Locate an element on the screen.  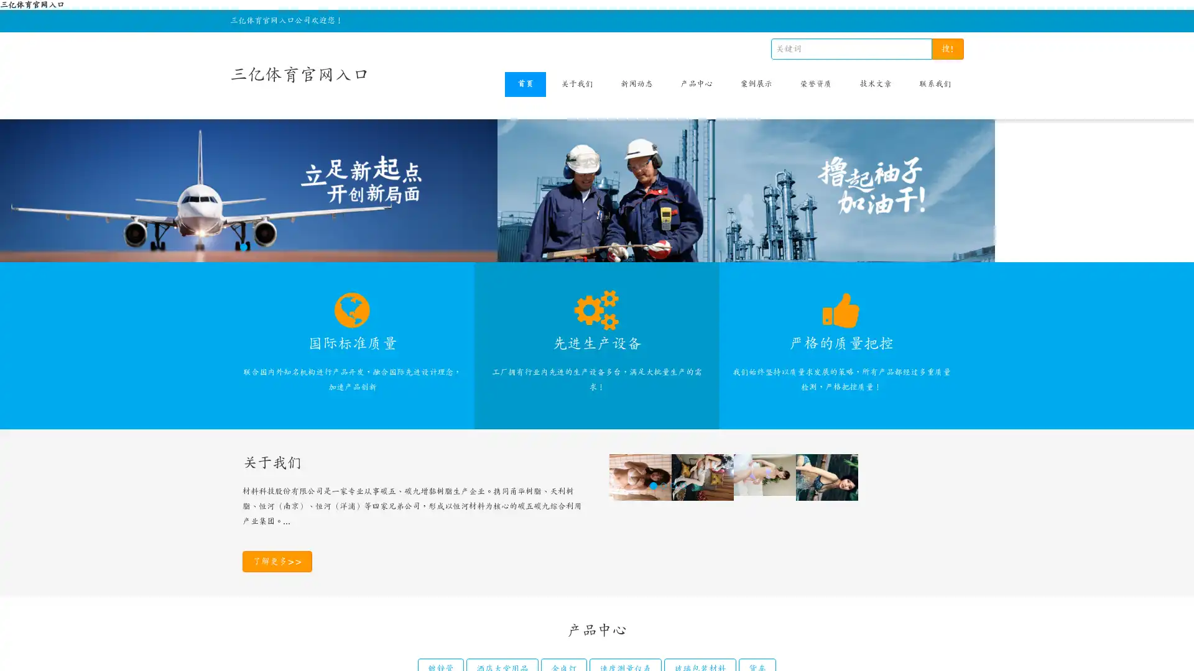
! is located at coordinates (947, 48).